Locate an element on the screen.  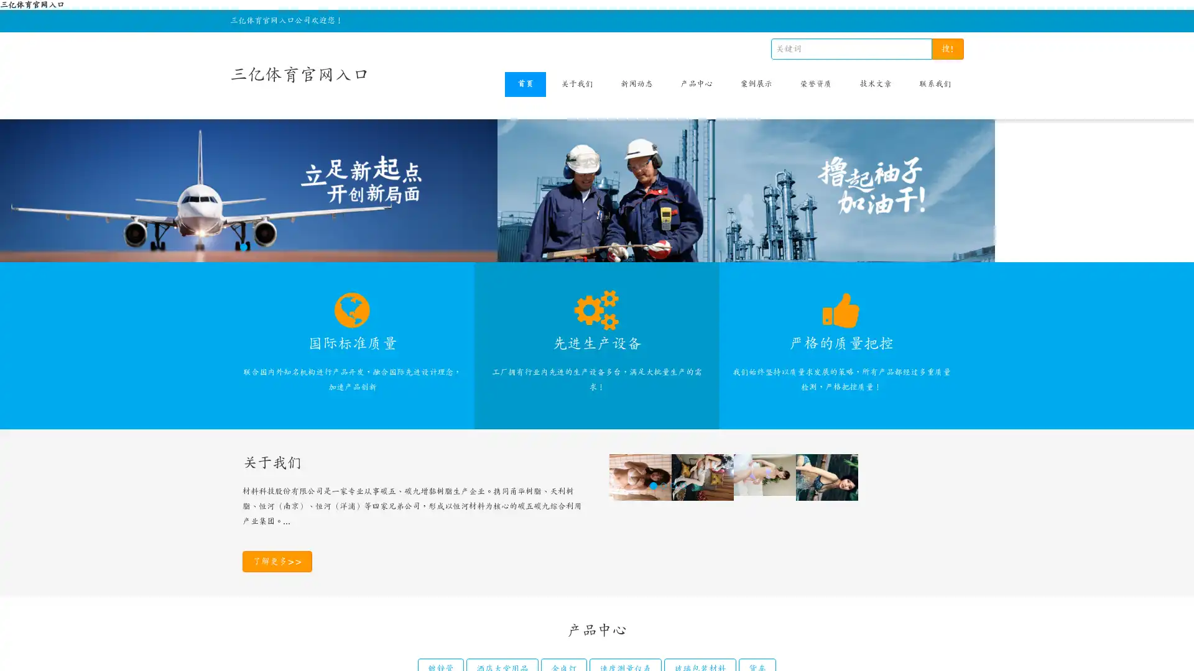
! is located at coordinates (947, 48).